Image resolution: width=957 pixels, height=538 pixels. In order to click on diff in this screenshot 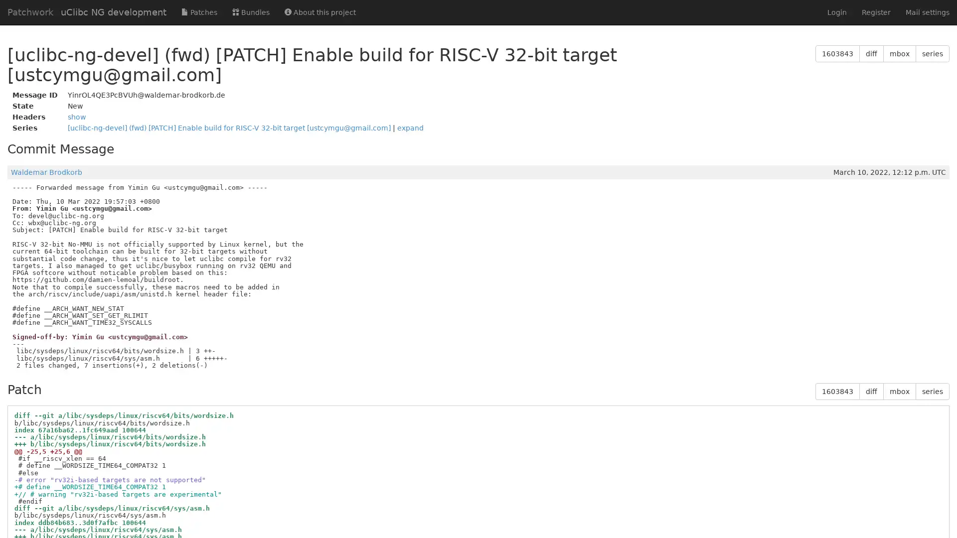, I will do `click(871, 54)`.